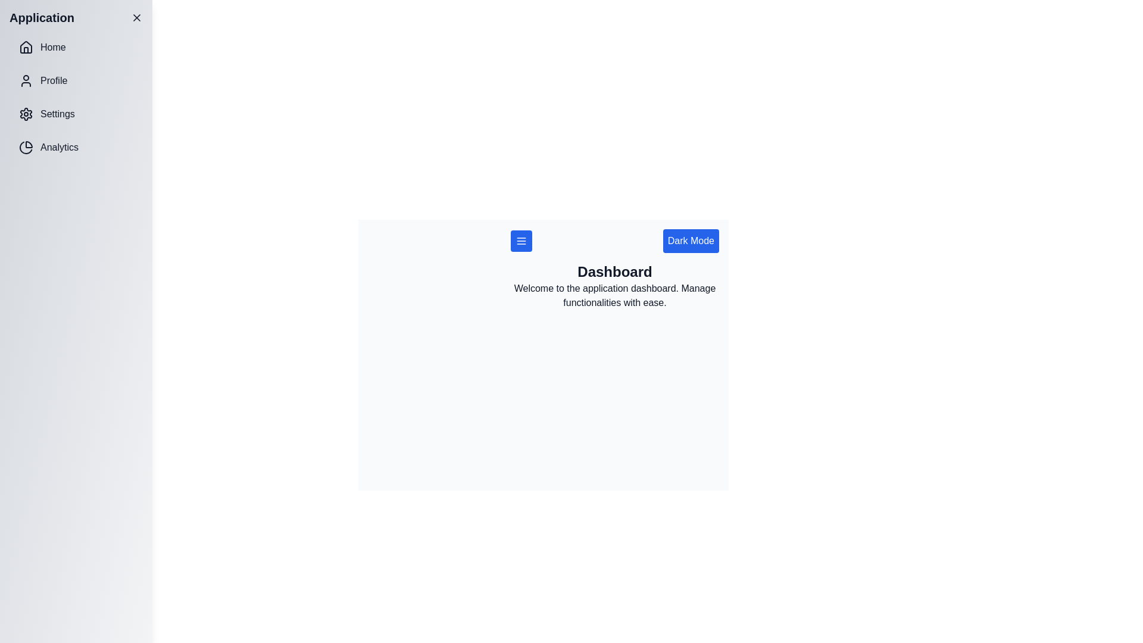  What do you see at coordinates (691, 241) in the screenshot?
I see `the 'Dark Mode' button located at the top-right corner of its section` at bounding box center [691, 241].